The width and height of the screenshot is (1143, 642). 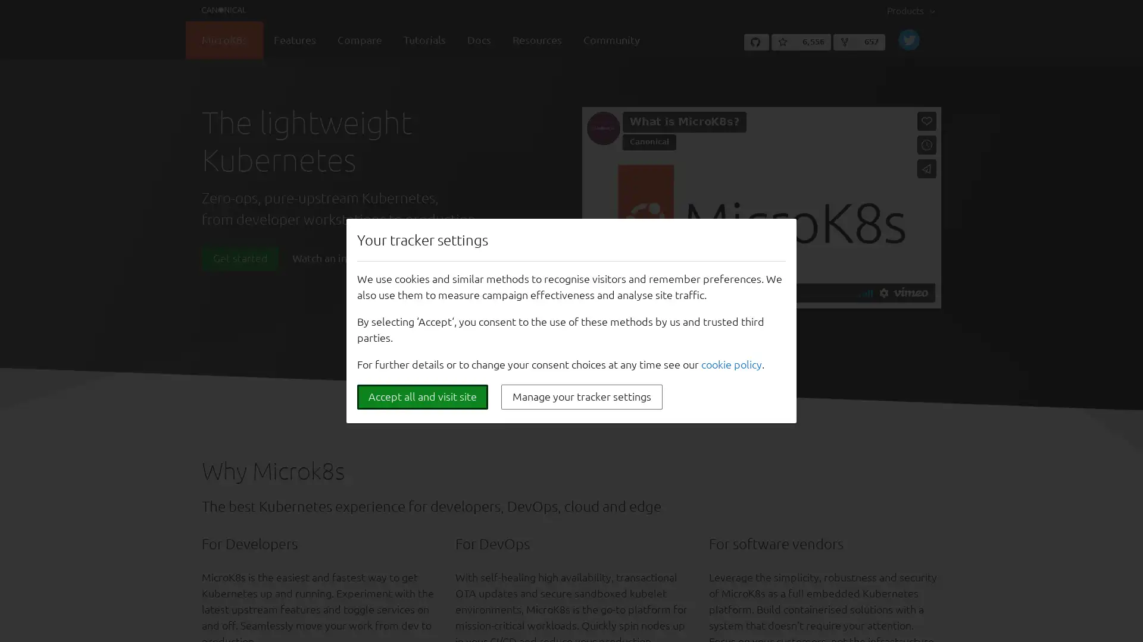 What do you see at coordinates (582, 396) in the screenshot?
I see `Manage your tracker settings` at bounding box center [582, 396].